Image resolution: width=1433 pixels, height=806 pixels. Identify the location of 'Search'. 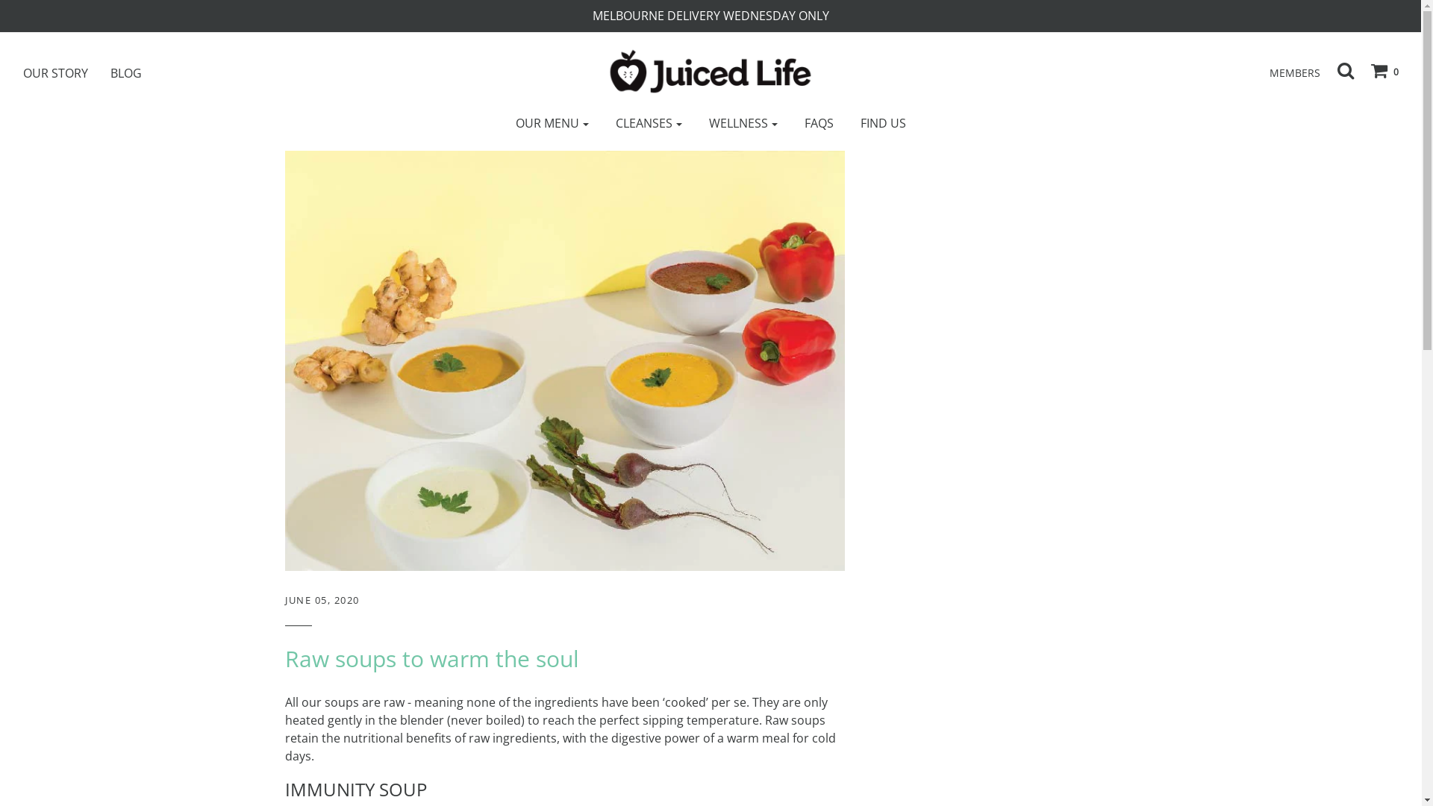
(1338, 69).